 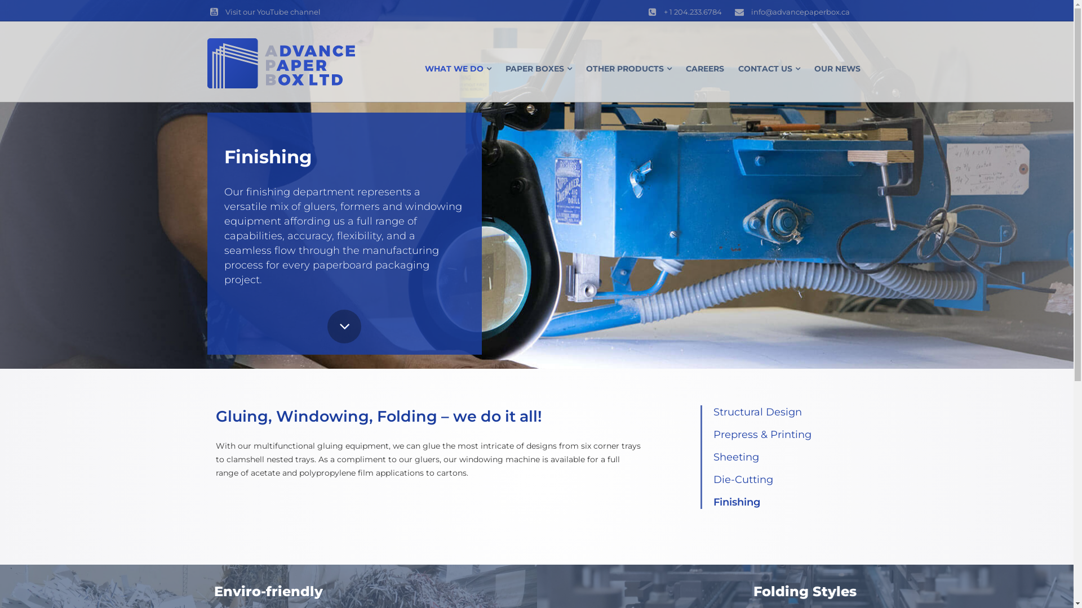 What do you see at coordinates (628, 69) in the screenshot?
I see `'OTHER PRODUCTS'` at bounding box center [628, 69].